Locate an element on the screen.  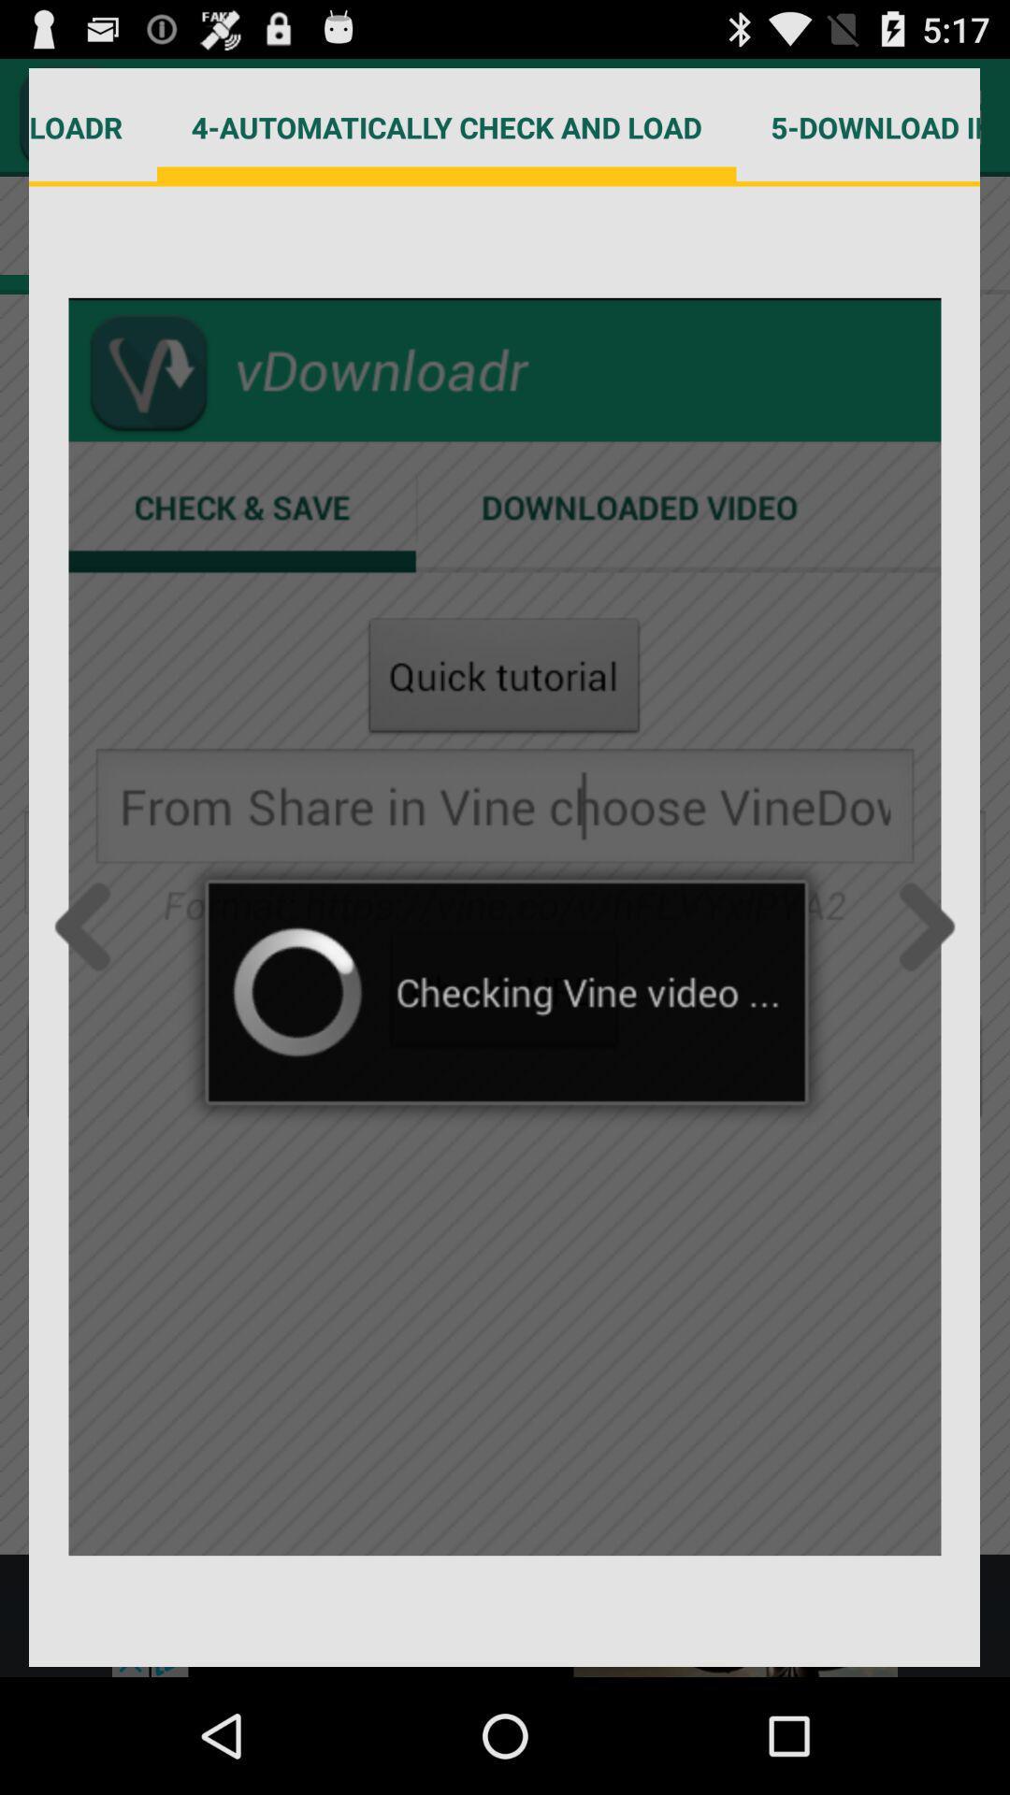
the app at the top right corner is located at coordinates (858, 126).